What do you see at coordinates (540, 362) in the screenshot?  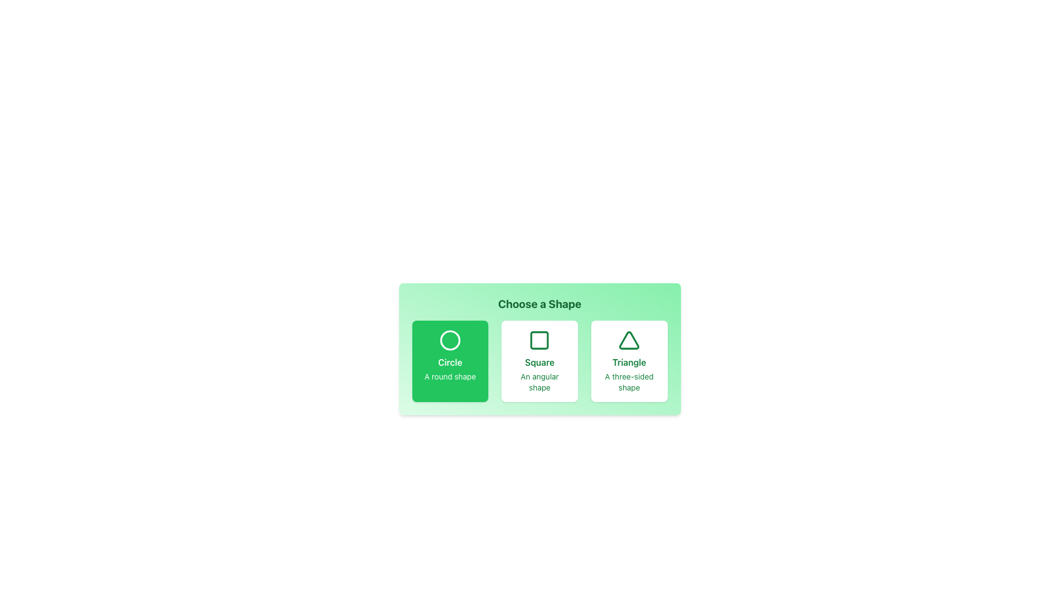 I see `the 'Square' text label, which is displayed in bold green font within a card layout, located in the center of the second card from the left in a row labeled 'Choose a Shape'` at bounding box center [540, 362].